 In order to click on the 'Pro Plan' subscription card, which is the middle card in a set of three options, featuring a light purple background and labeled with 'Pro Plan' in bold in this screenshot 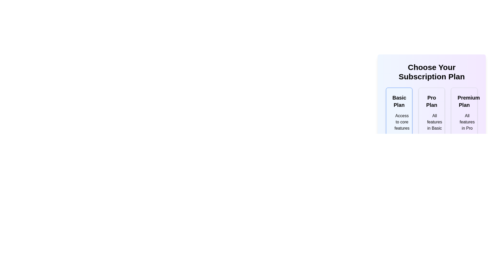, I will do `click(432, 91)`.